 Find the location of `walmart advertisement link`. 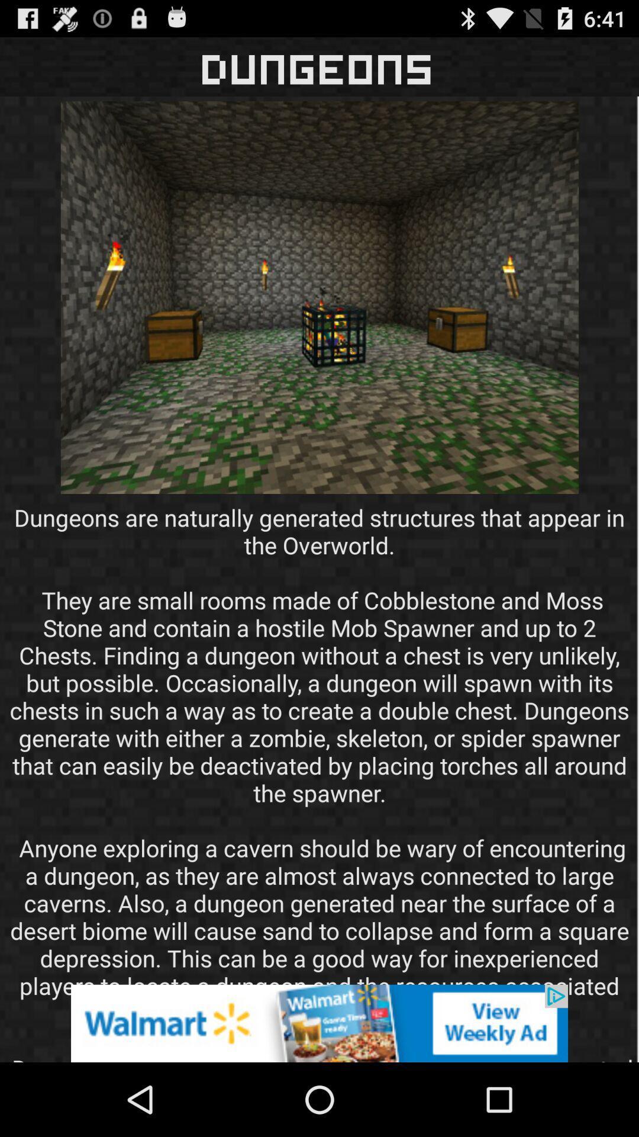

walmart advertisement link is located at coordinates (319, 1023).